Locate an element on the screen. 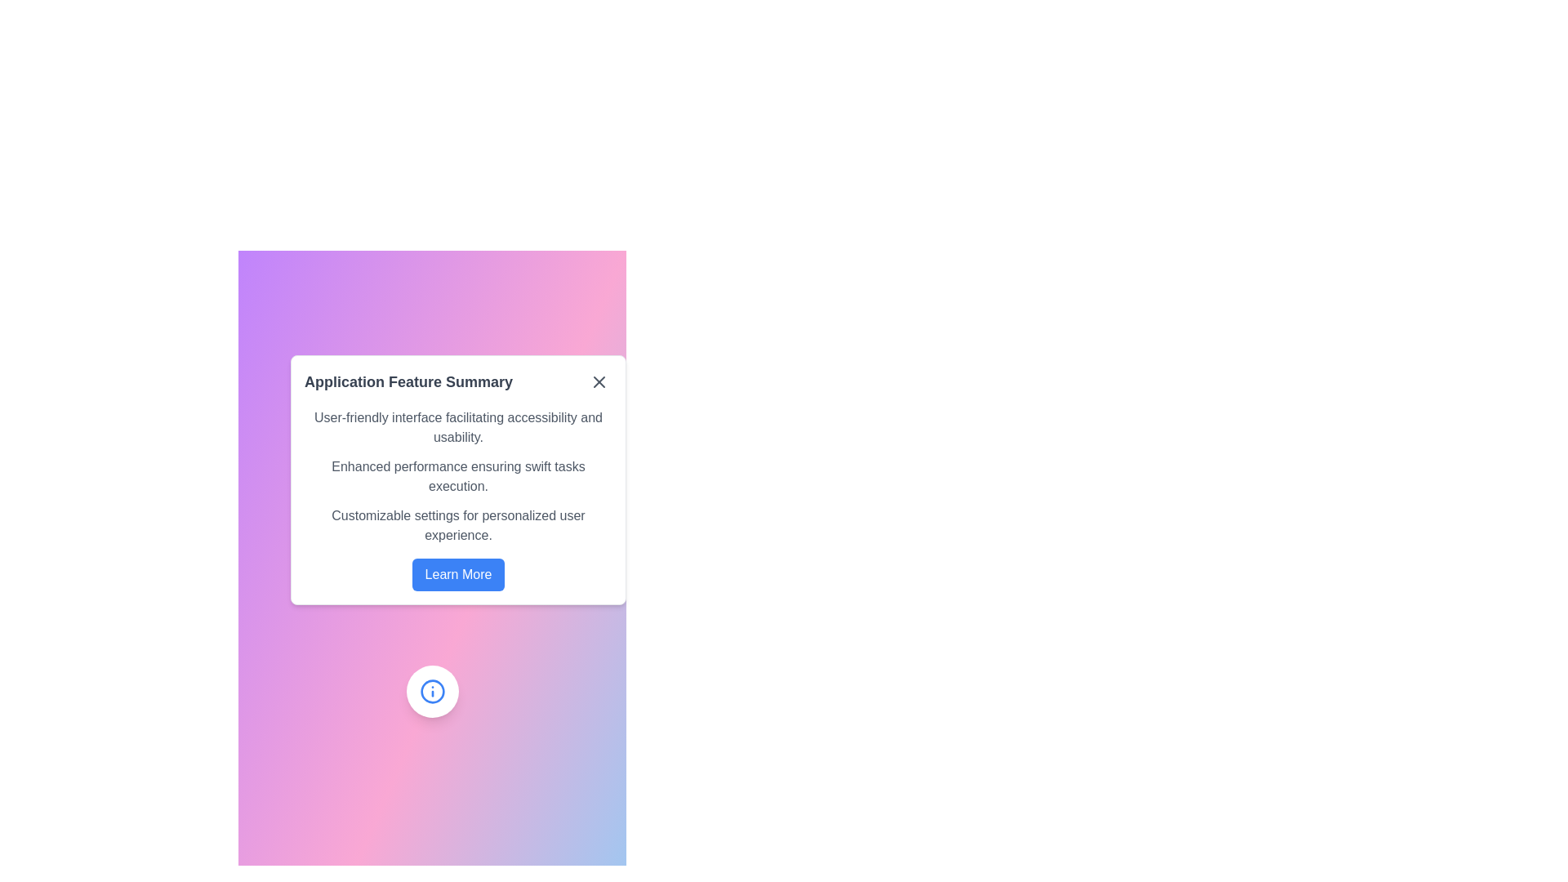  the static text display that provides descriptive information about the application's performance enhancements, located at the center of the application card is located at coordinates (457, 476).